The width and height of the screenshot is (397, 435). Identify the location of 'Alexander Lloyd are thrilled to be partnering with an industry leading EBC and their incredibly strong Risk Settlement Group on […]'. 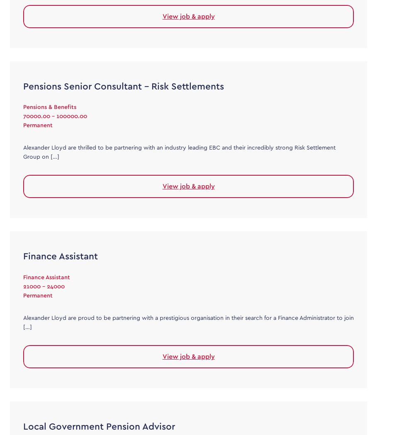
(179, 152).